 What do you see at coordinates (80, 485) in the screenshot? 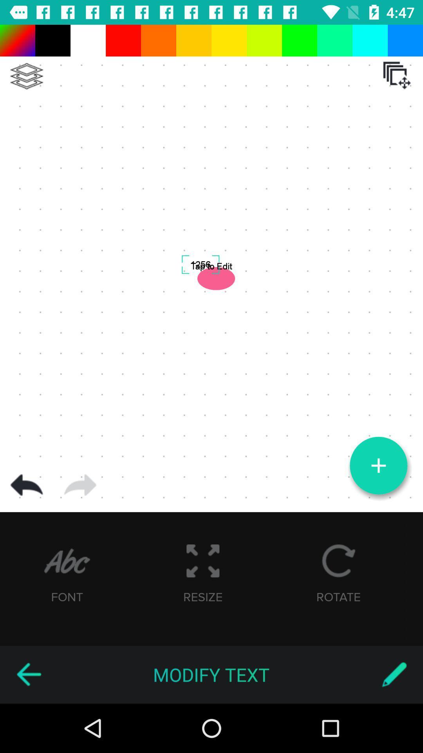
I see `next` at bounding box center [80, 485].